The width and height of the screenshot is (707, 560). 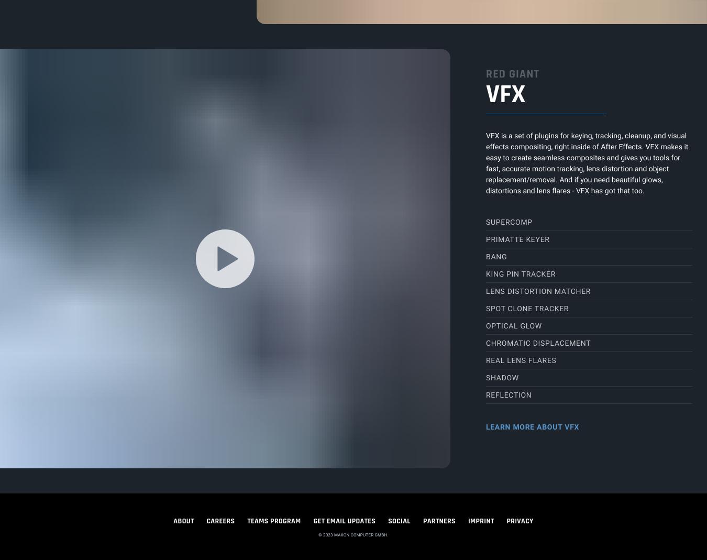 What do you see at coordinates (526, 309) in the screenshot?
I see `'Spot Clone Tracker'` at bounding box center [526, 309].